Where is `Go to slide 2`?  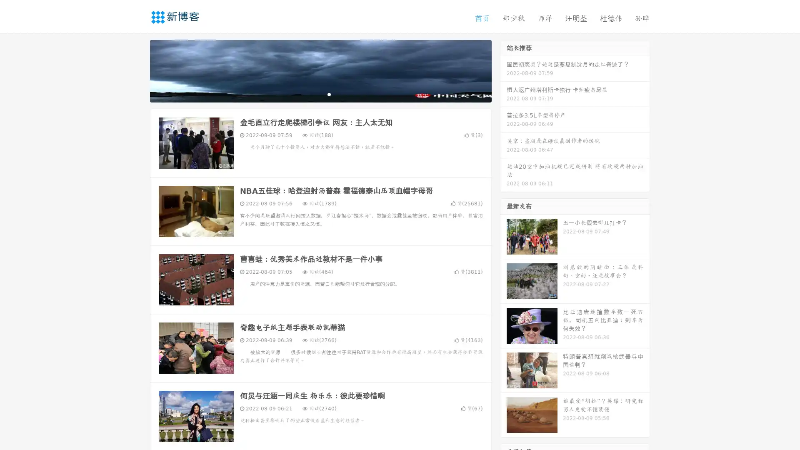 Go to slide 2 is located at coordinates (320, 94).